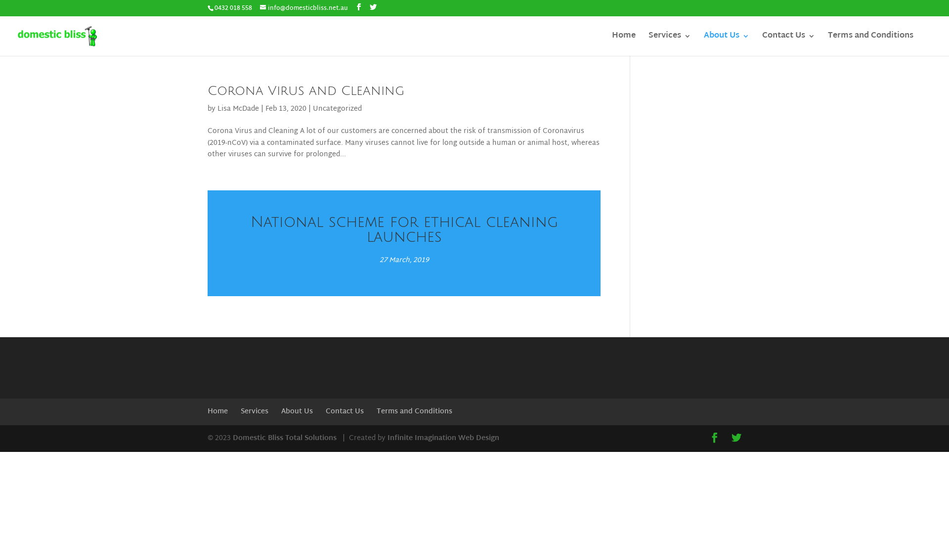 This screenshot has width=949, height=534. What do you see at coordinates (870, 44) in the screenshot?
I see `'Terms and Conditions'` at bounding box center [870, 44].